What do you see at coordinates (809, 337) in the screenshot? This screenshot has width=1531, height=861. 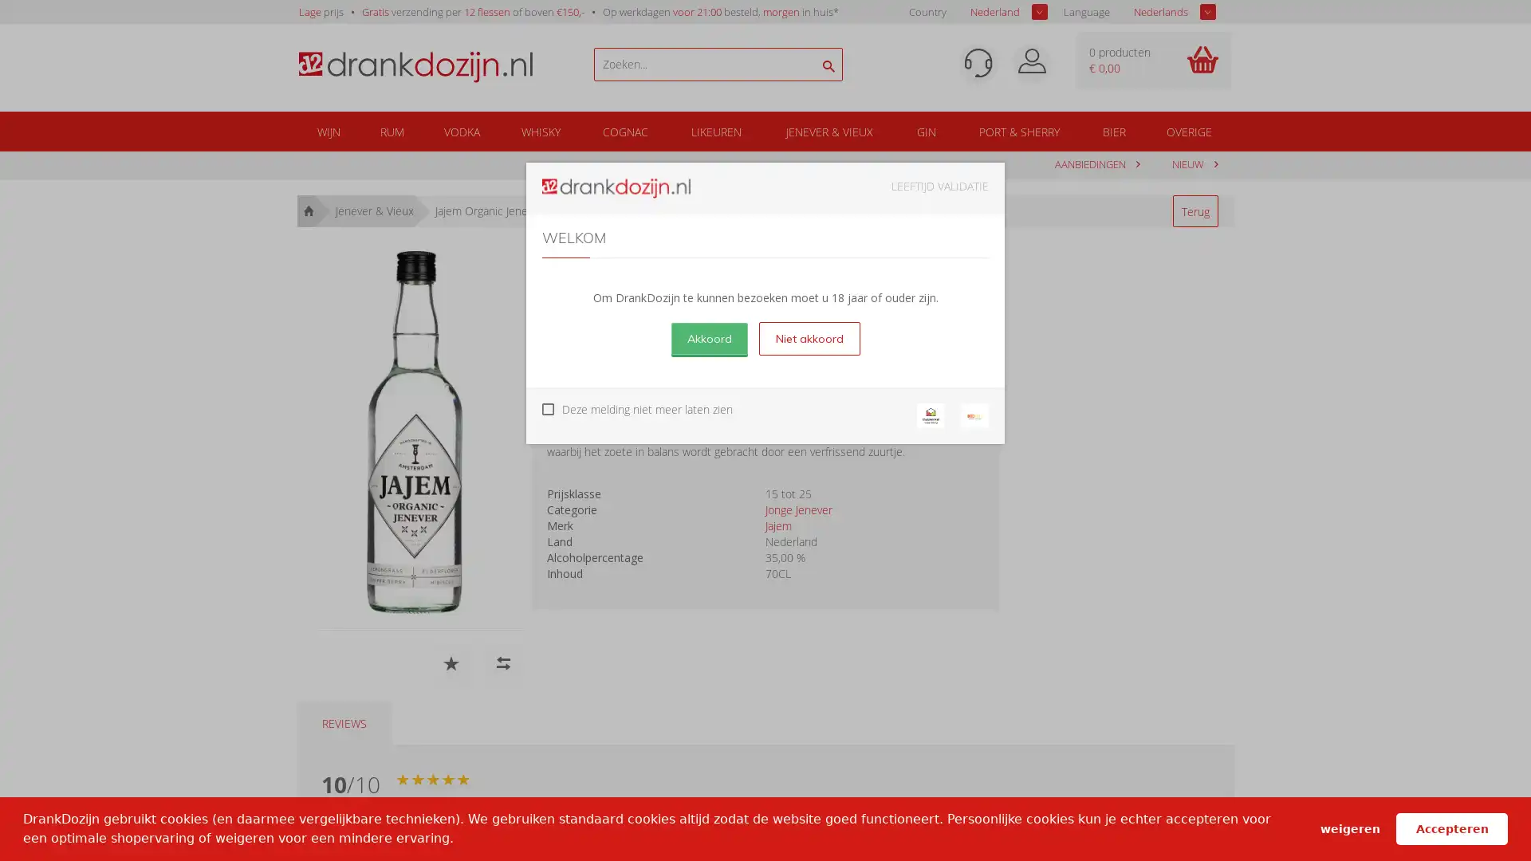 I see `Niet akkoord` at bounding box center [809, 337].